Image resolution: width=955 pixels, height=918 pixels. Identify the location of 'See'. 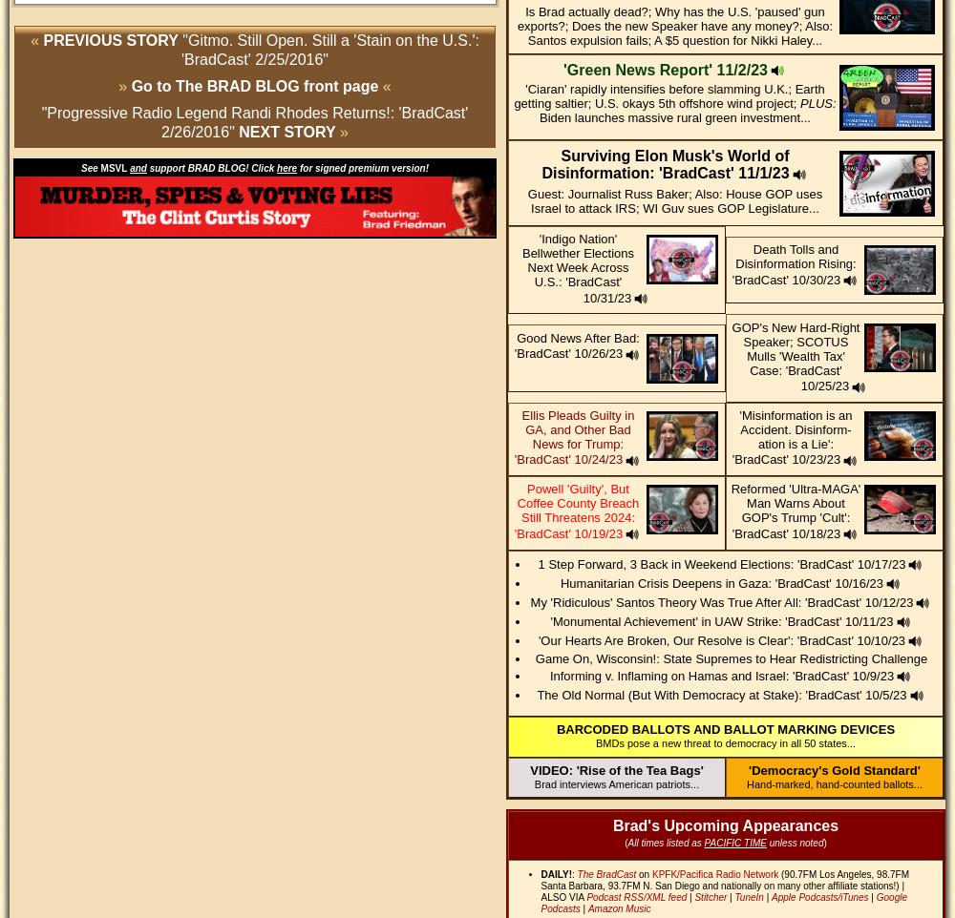
(90, 168).